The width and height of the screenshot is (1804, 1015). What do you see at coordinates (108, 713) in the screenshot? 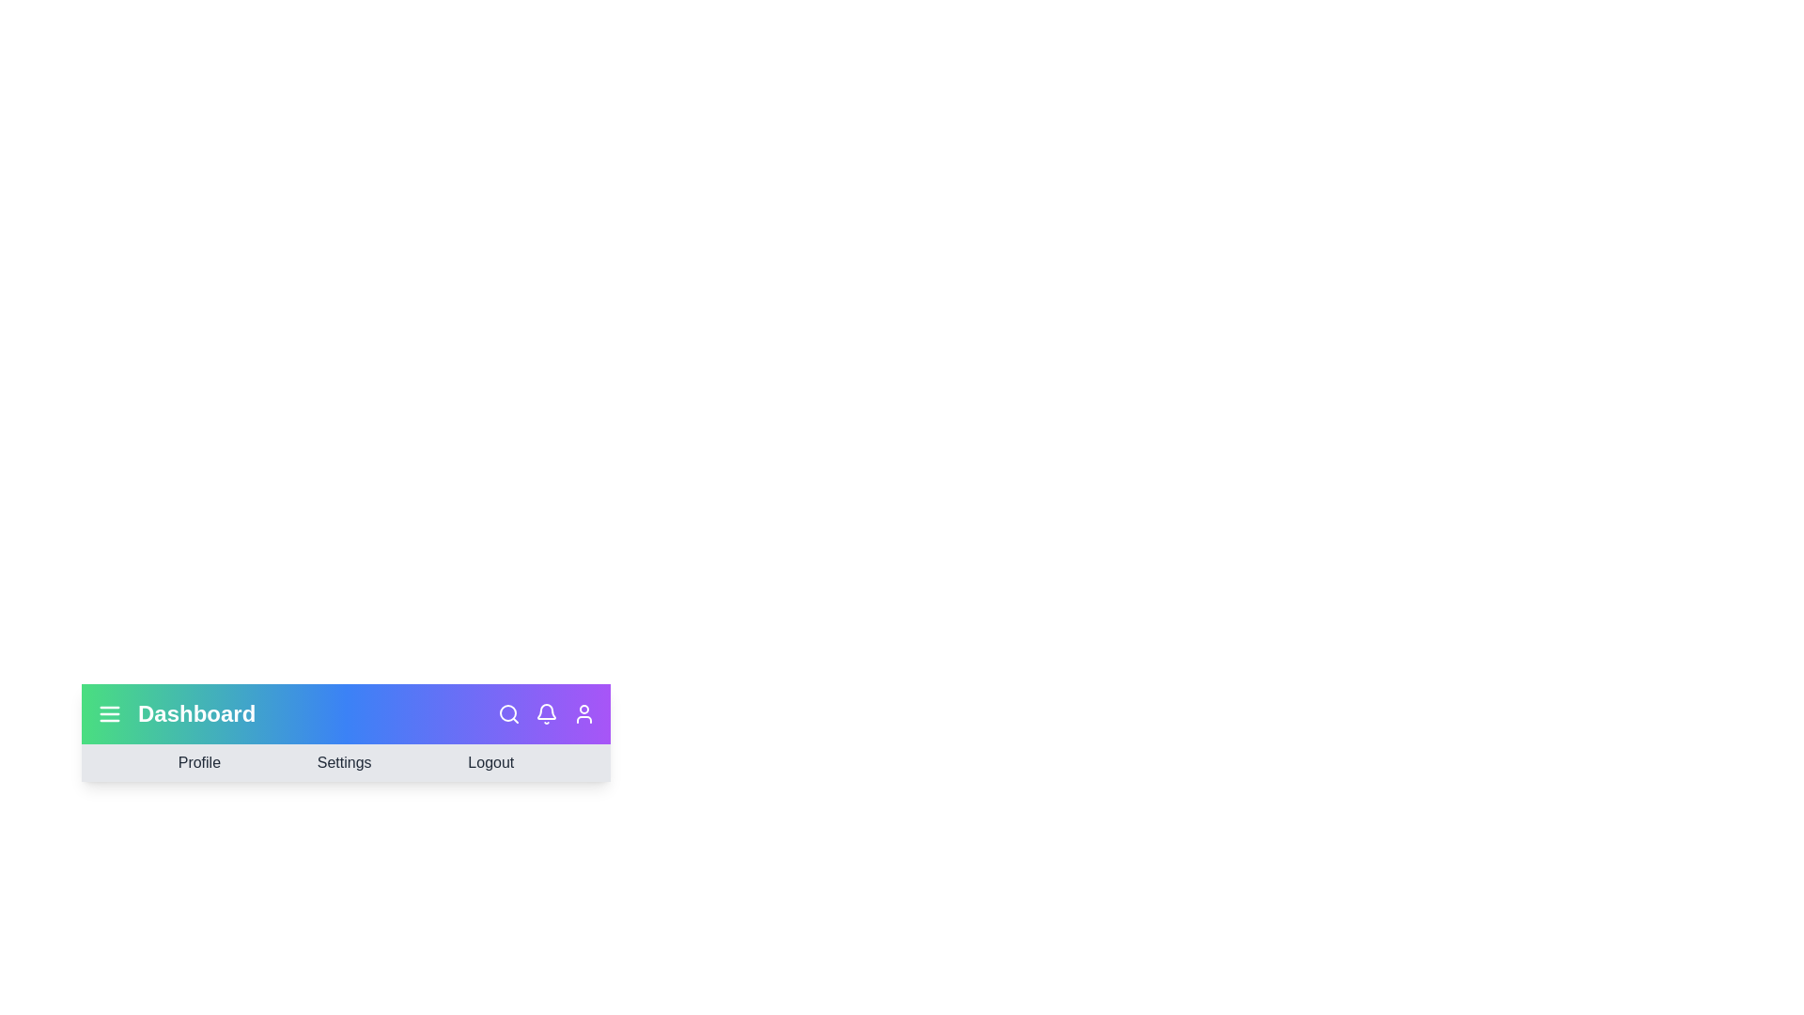
I see `the menu icon to toggle the visibility of the menu` at bounding box center [108, 713].